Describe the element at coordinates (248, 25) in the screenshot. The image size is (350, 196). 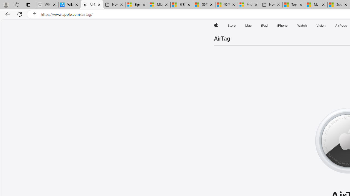
I see `'Mac'` at that location.